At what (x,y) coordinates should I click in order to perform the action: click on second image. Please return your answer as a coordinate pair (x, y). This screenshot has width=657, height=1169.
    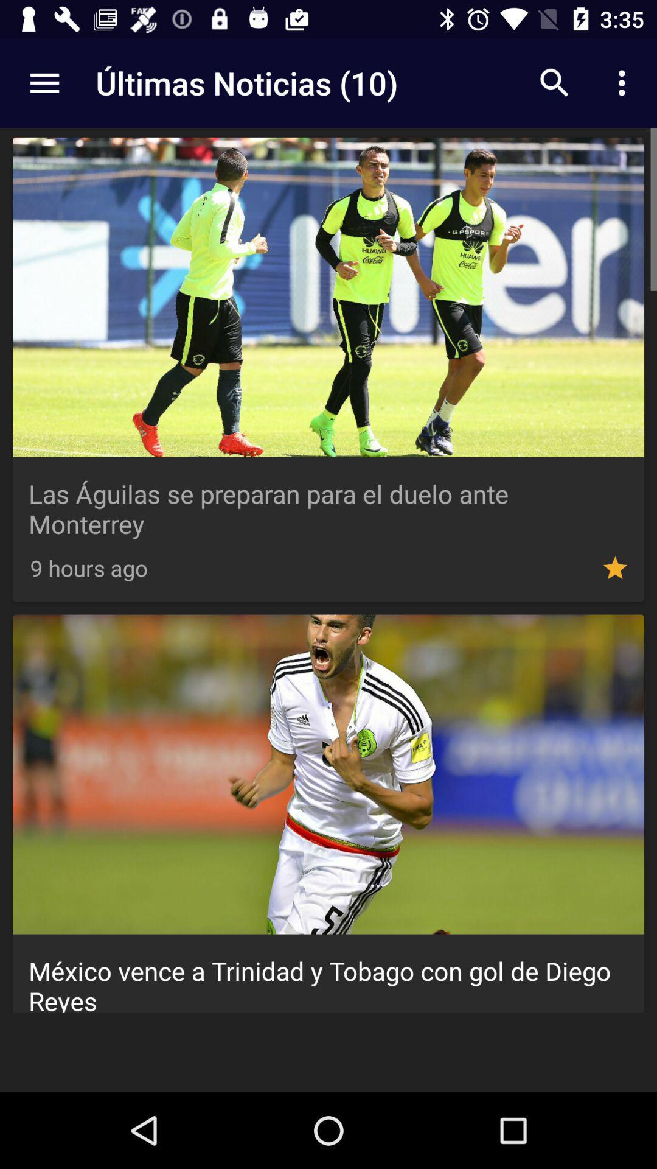
    Looking at the image, I should click on (328, 813).